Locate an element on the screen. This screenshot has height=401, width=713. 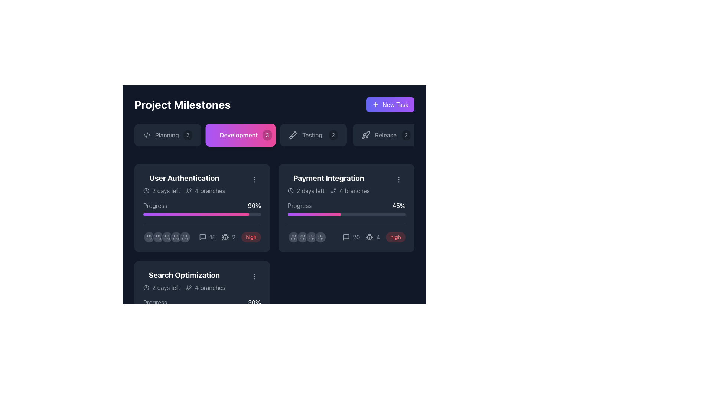
the plus icon located inside the 'New Task' button is located at coordinates (376, 104).